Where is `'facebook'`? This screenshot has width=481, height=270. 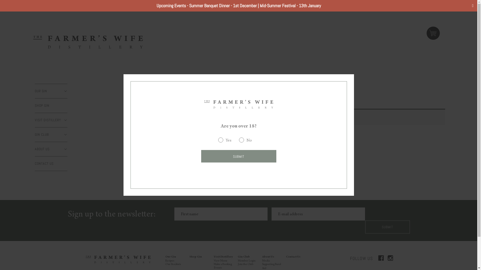
'facebook' is located at coordinates (381, 258).